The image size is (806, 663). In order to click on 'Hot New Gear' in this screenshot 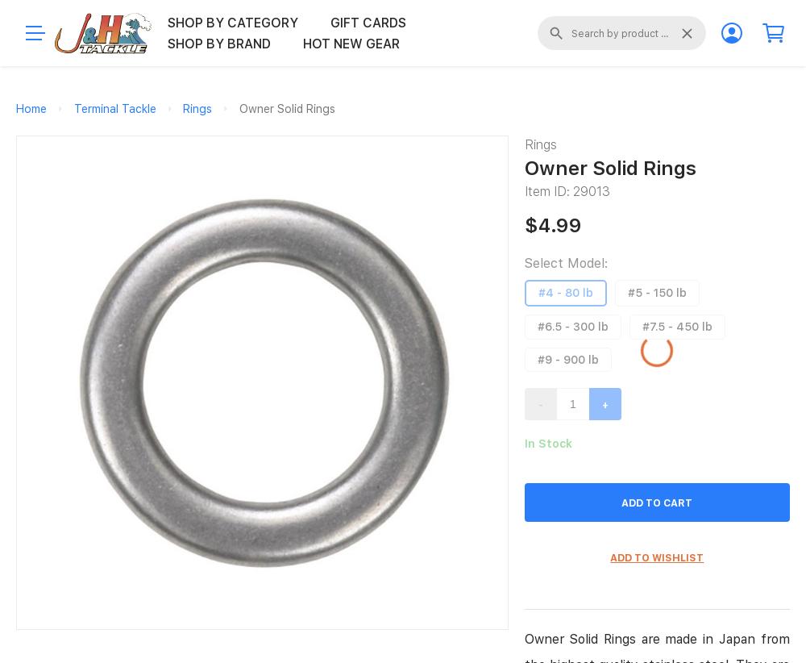, I will do `click(303, 43)`.